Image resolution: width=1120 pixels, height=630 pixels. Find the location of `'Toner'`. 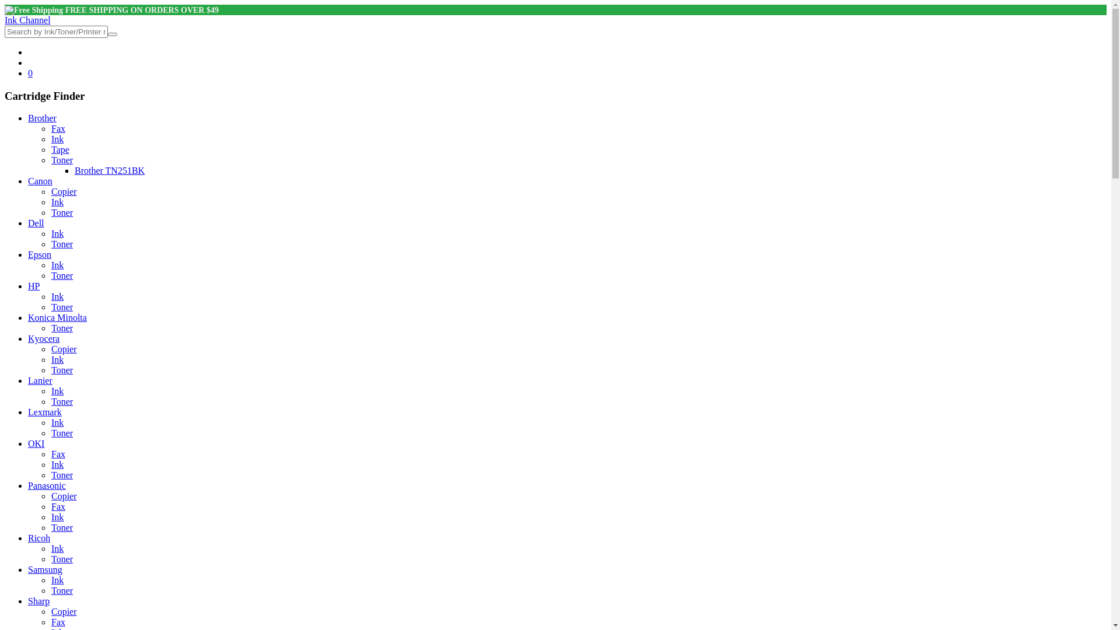

'Toner' is located at coordinates (61, 160).